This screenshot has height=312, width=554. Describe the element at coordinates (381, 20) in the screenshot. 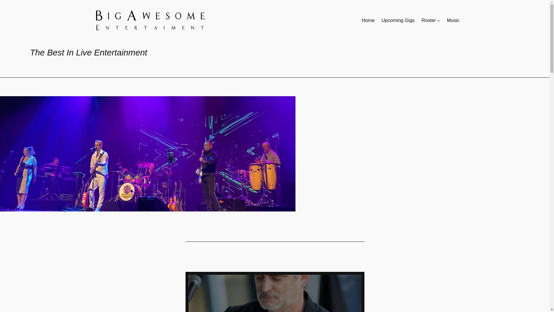

I see `'Upcoming Gigs'` at that location.